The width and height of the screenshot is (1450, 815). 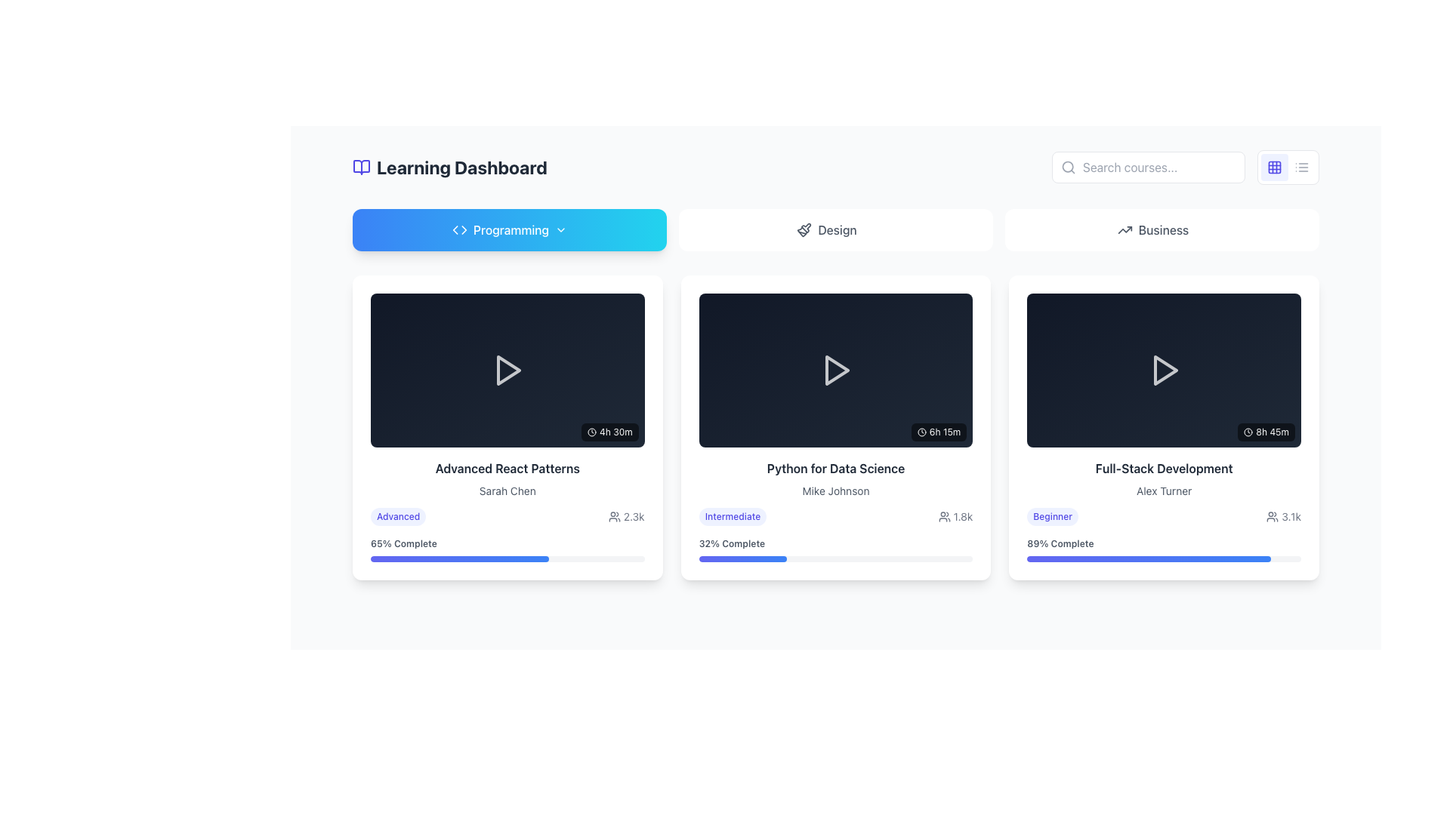 I want to click on the decorative open book icon, which is indigo in color and located next to the 'Learning Dashboard' title, so click(x=361, y=168).